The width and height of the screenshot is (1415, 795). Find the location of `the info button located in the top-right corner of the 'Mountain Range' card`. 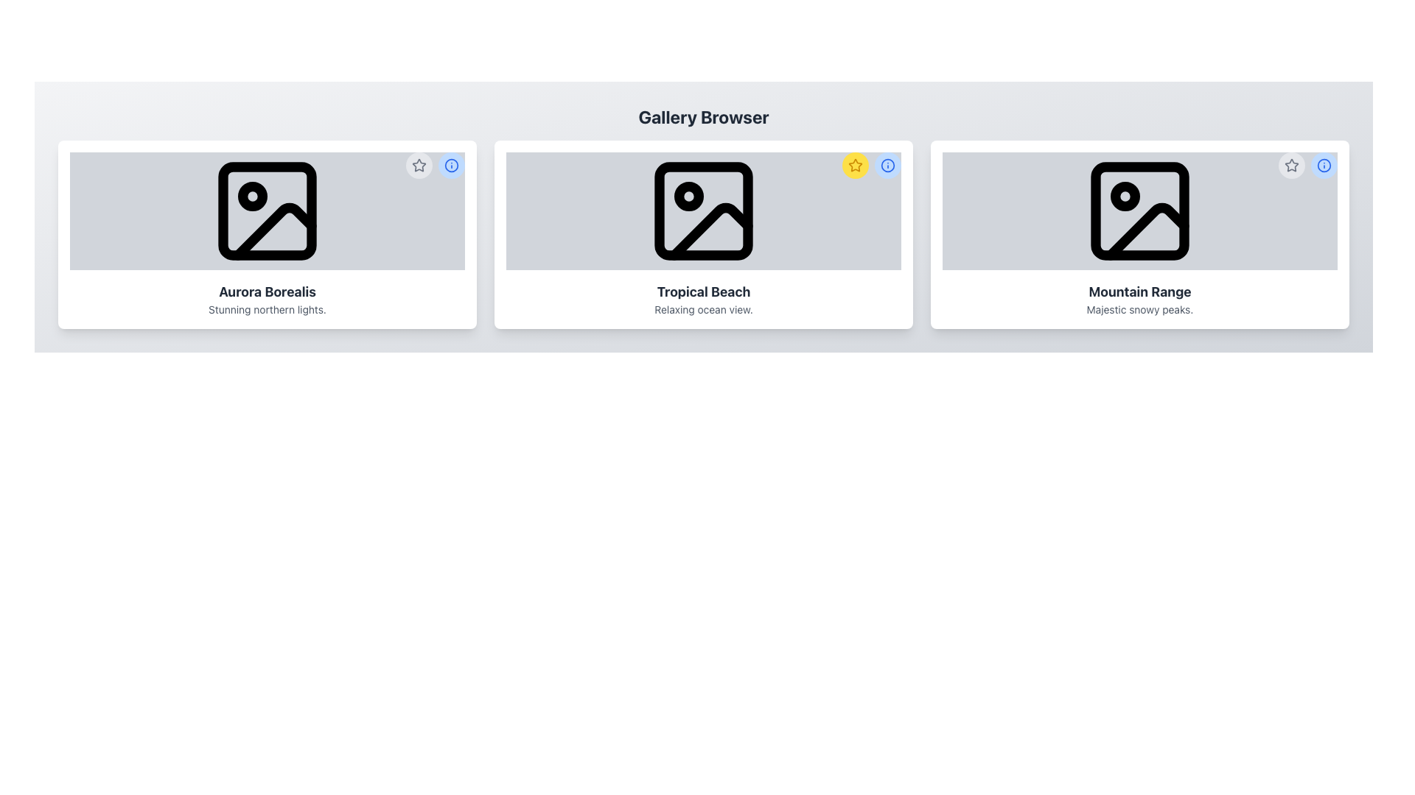

the info button located in the top-right corner of the 'Mountain Range' card is located at coordinates (1324, 165).